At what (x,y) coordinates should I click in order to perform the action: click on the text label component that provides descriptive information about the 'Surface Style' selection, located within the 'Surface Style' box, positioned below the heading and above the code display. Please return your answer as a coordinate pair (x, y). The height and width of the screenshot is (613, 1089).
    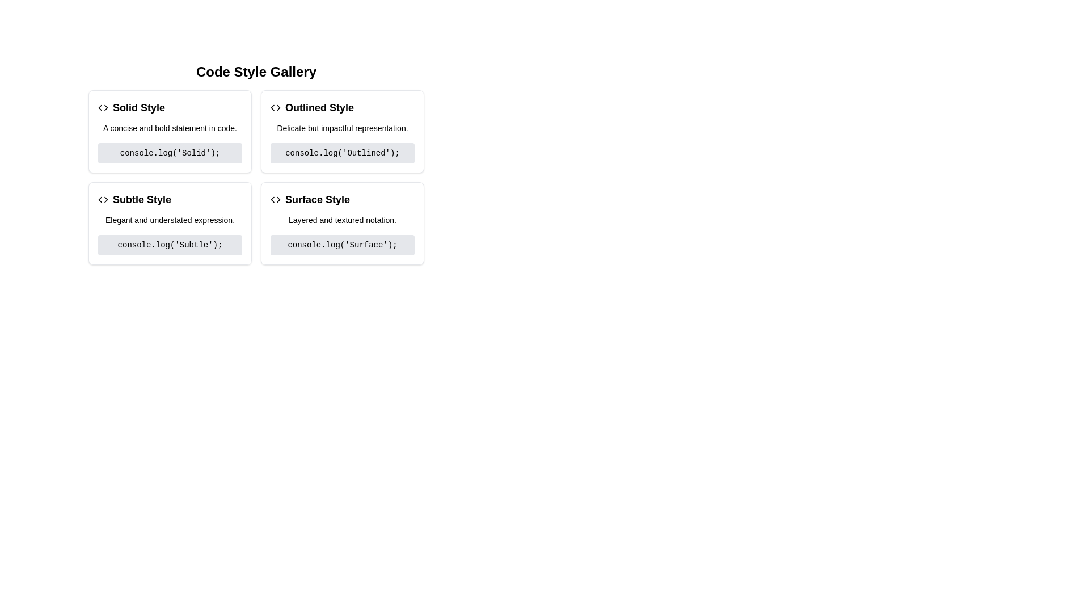
    Looking at the image, I should click on (342, 220).